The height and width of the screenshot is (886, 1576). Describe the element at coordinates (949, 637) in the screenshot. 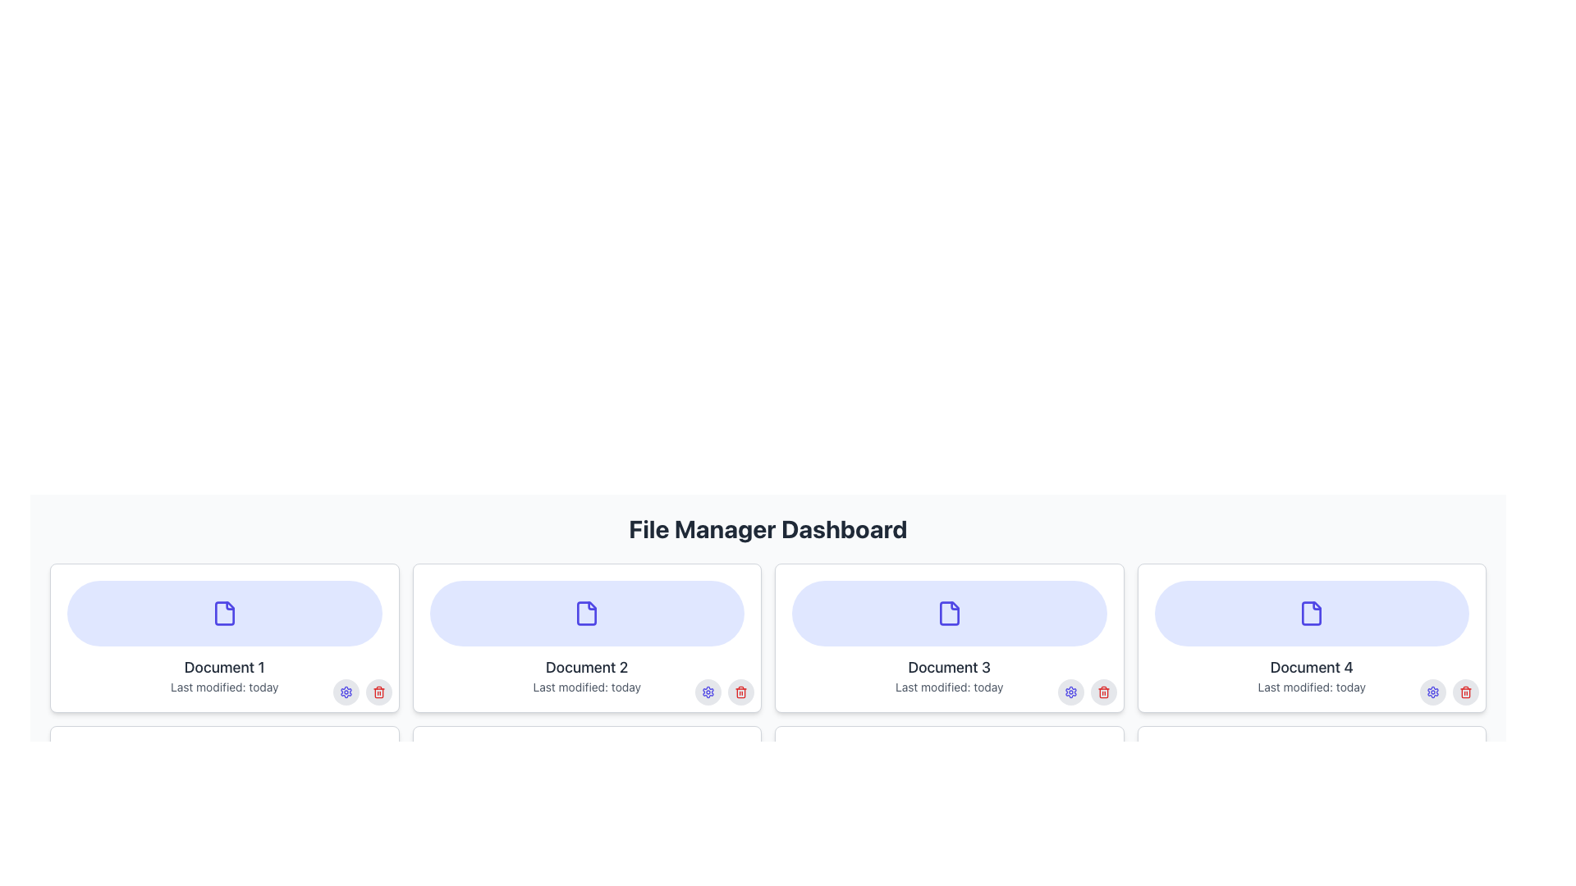

I see `the document card labeled 'Document 3' in the file manager dashboard` at that location.